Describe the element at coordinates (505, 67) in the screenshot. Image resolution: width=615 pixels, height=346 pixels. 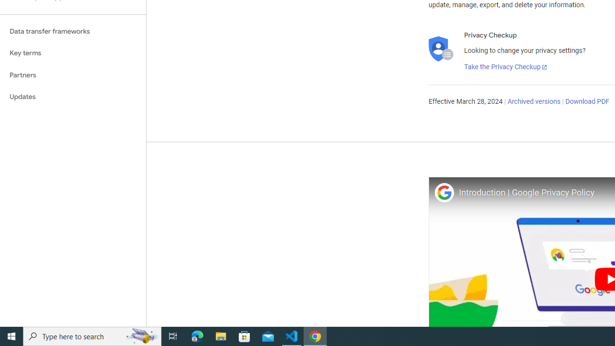
I see `'Take the Privacy Checkup'` at that location.